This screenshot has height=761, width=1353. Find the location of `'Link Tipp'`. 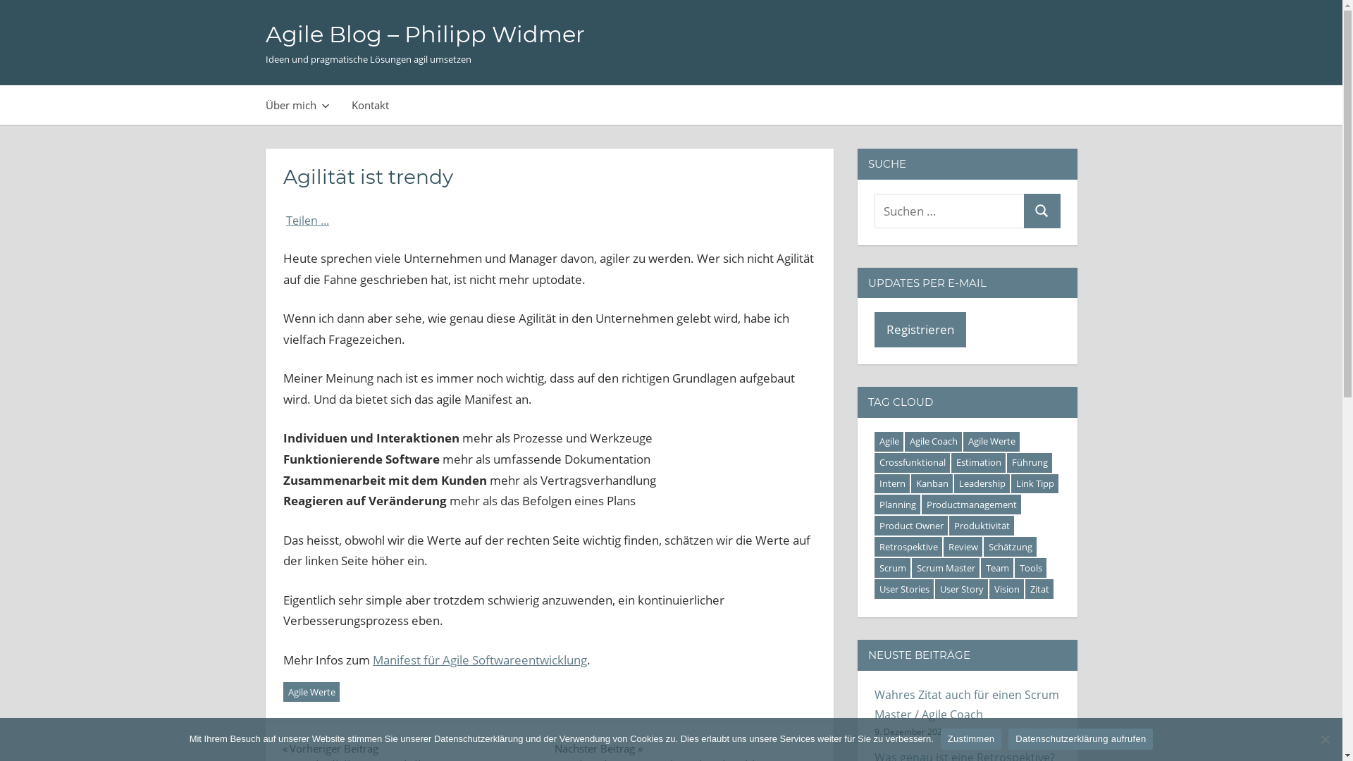

'Link Tipp' is located at coordinates (1034, 483).